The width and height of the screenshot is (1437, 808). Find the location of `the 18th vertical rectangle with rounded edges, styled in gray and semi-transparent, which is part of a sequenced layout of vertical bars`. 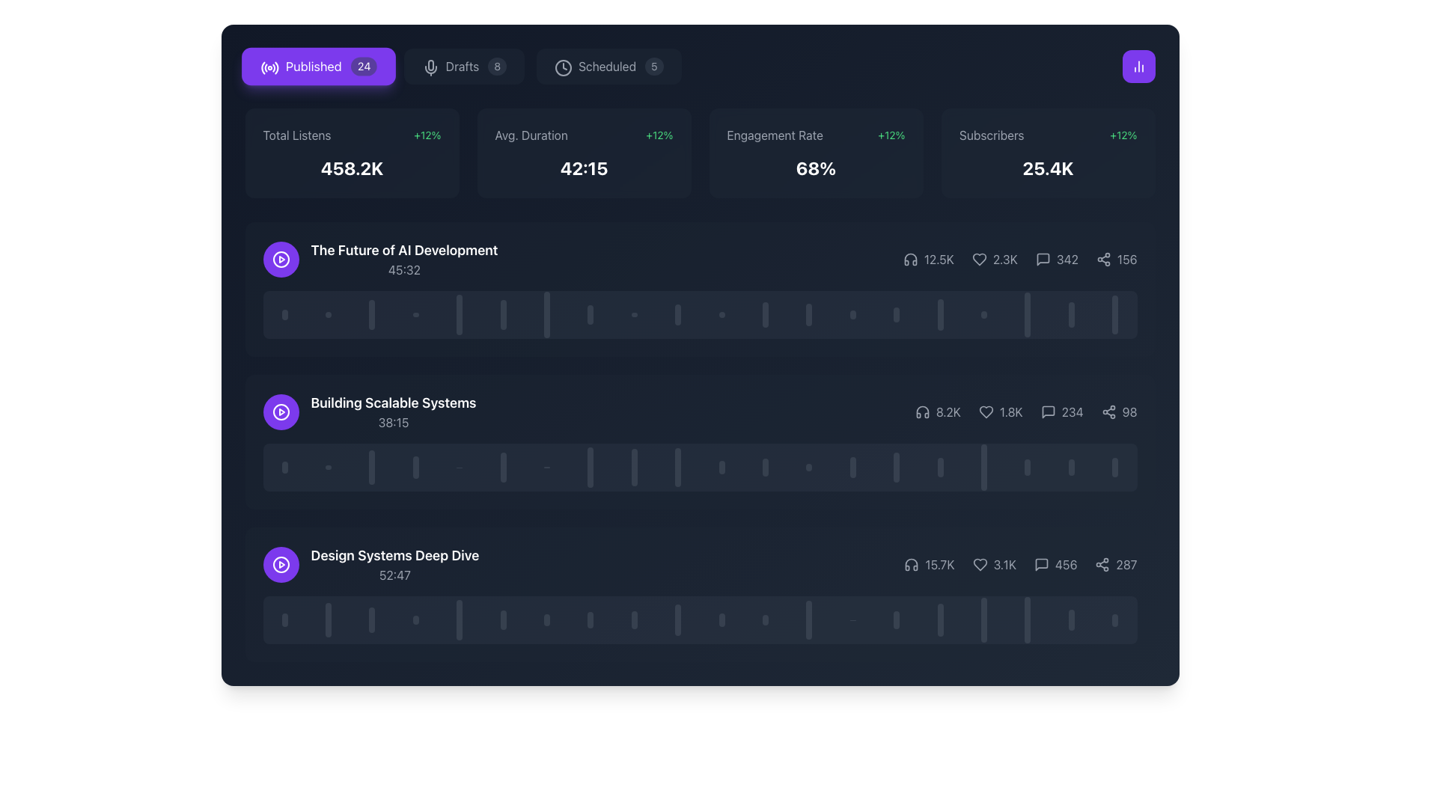

the 18th vertical rectangle with rounded edges, styled in gray and semi-transparent, which is part of a sequenced layout of vertical bars is located at coordinates (1027, 466).